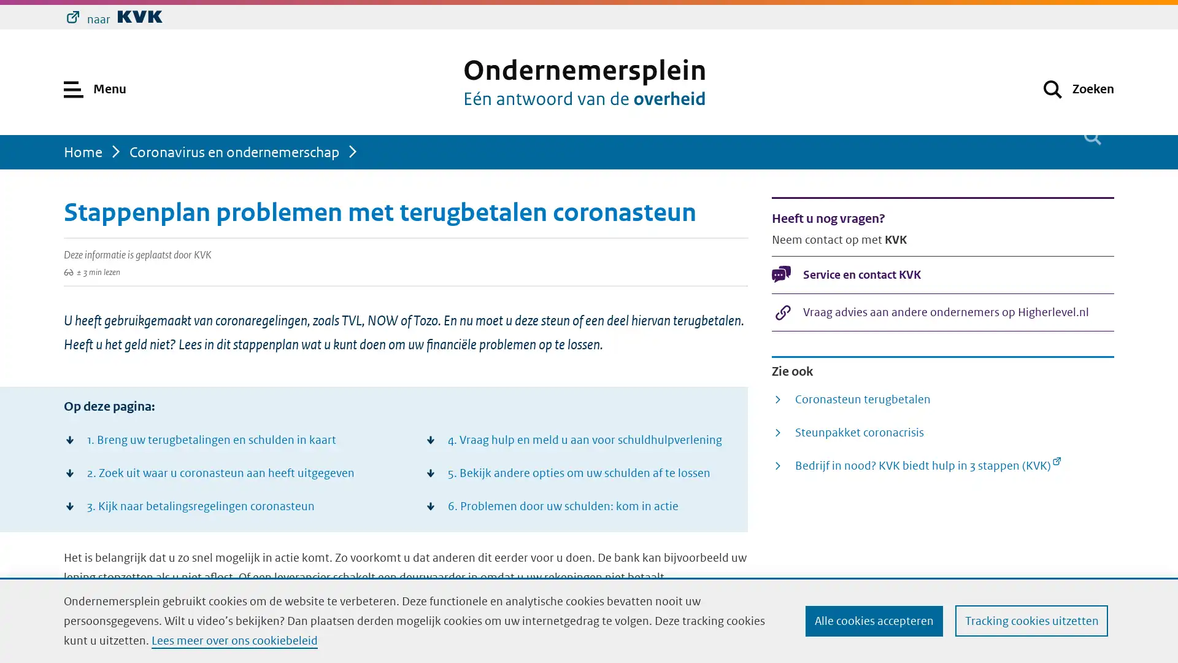  Describe the element at coordinates (874, 621) in the screenshot. I see `Alle cookies accepteren` at that location.